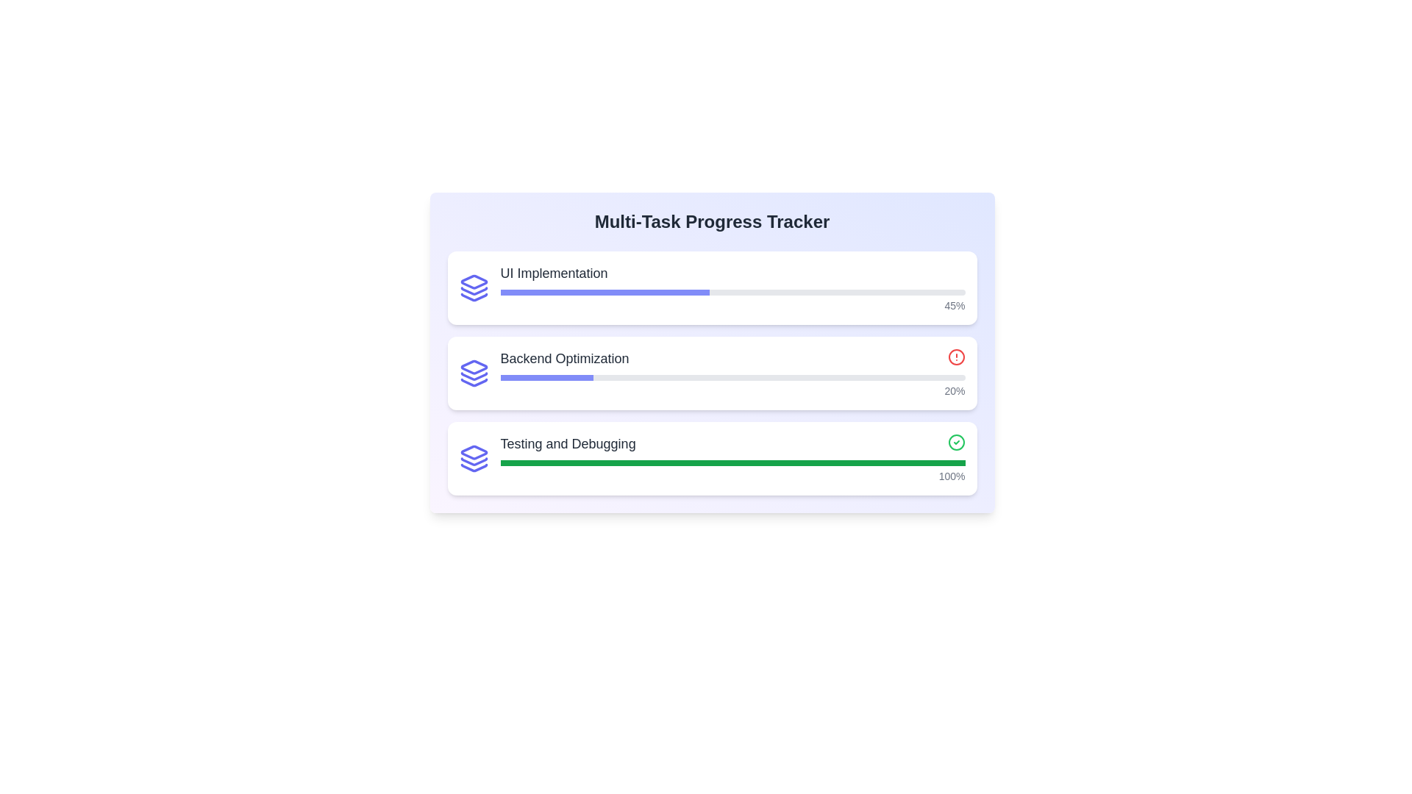 The height and width of the screenshot is (794, 1412). What do you see at coordinates (474, 468) in the screenshot?
I see `the graphical layer icon consisting of three stacked polygons, located at the bottom layer of the icon adjacent to the progress bar labeled 'Testing and Debugging'` at bounding box center [474, 468].